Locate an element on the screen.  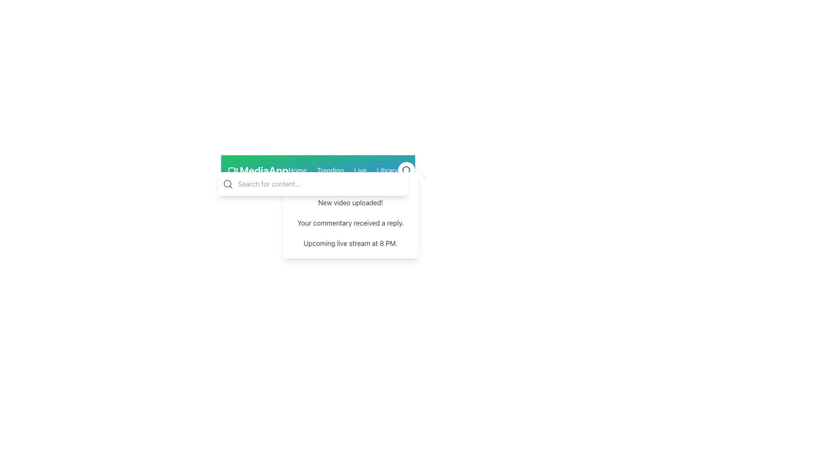
the 'Live' navigation link located in the navigation bar is located at coordinates (360, 170).